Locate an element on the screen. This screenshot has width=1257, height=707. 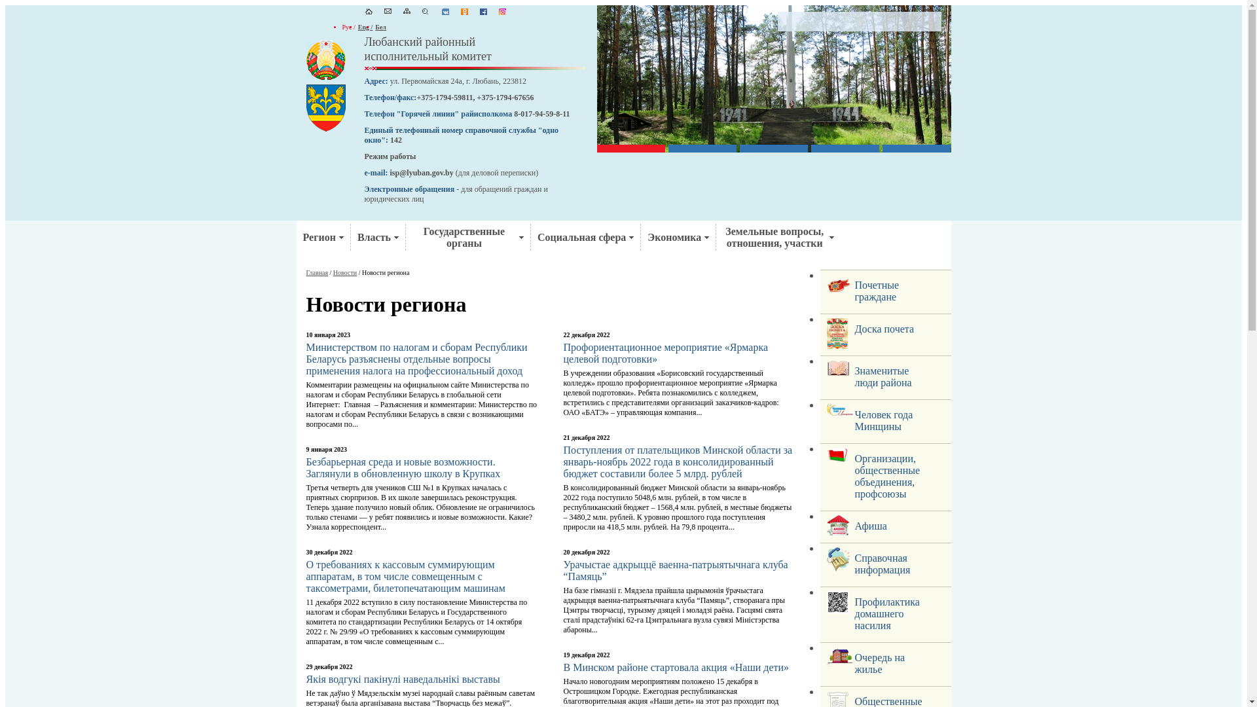
'ok' is located at coordinates (464, 12).